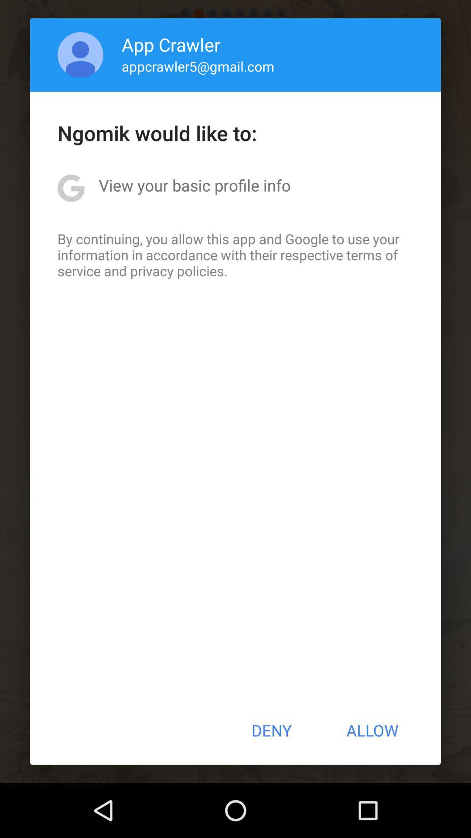 This screenshot has width=471, height=838. I want to click on the icon above the ngomik would like item, so click(80, 54).